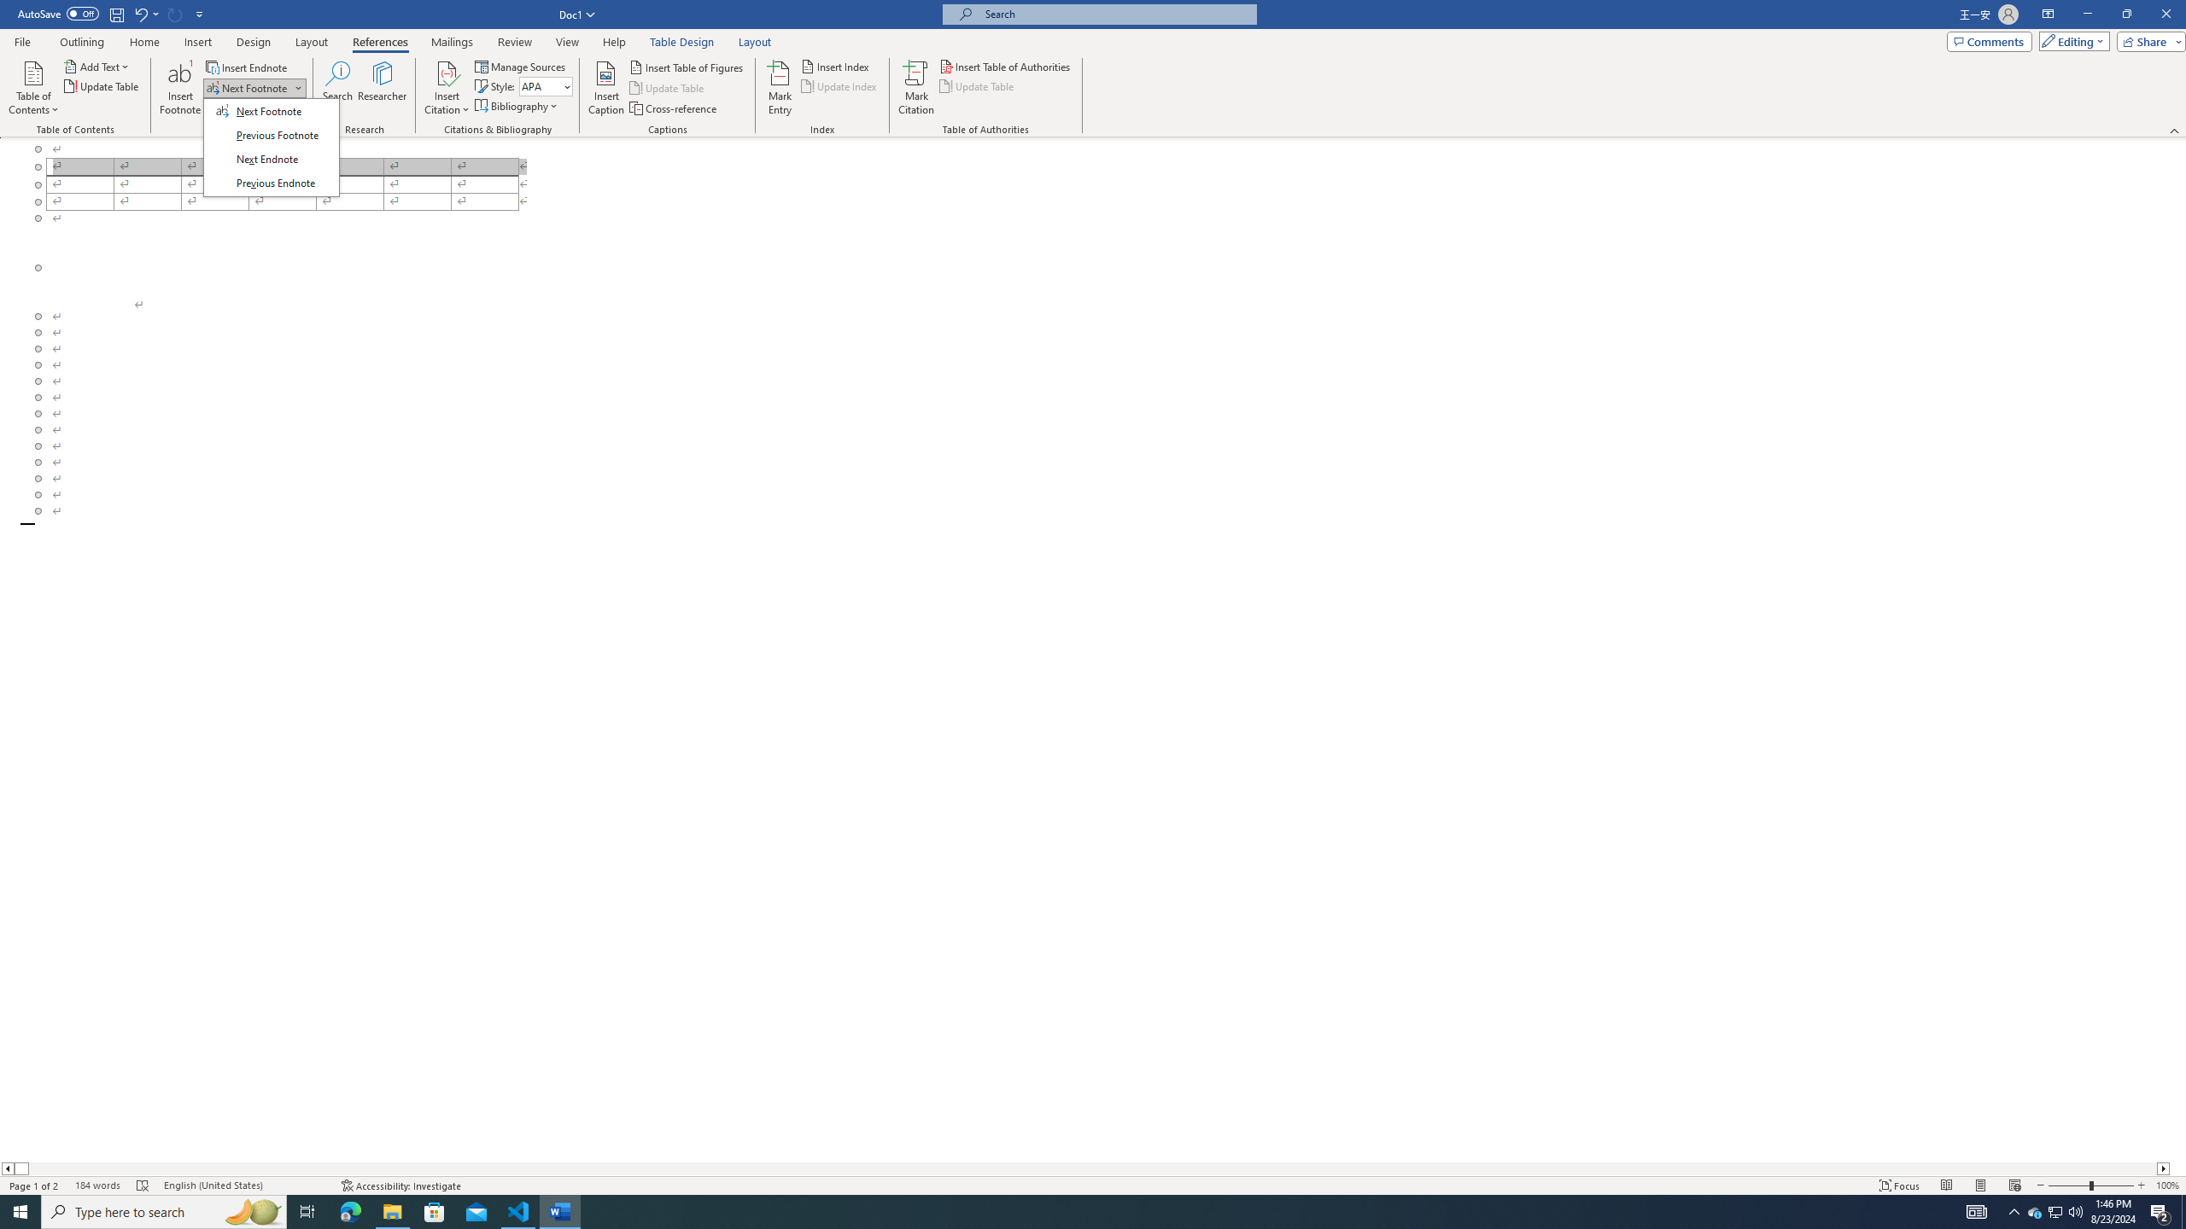 The image size is (2186, 1229). I want to click on 'Style', so click(546, 84).